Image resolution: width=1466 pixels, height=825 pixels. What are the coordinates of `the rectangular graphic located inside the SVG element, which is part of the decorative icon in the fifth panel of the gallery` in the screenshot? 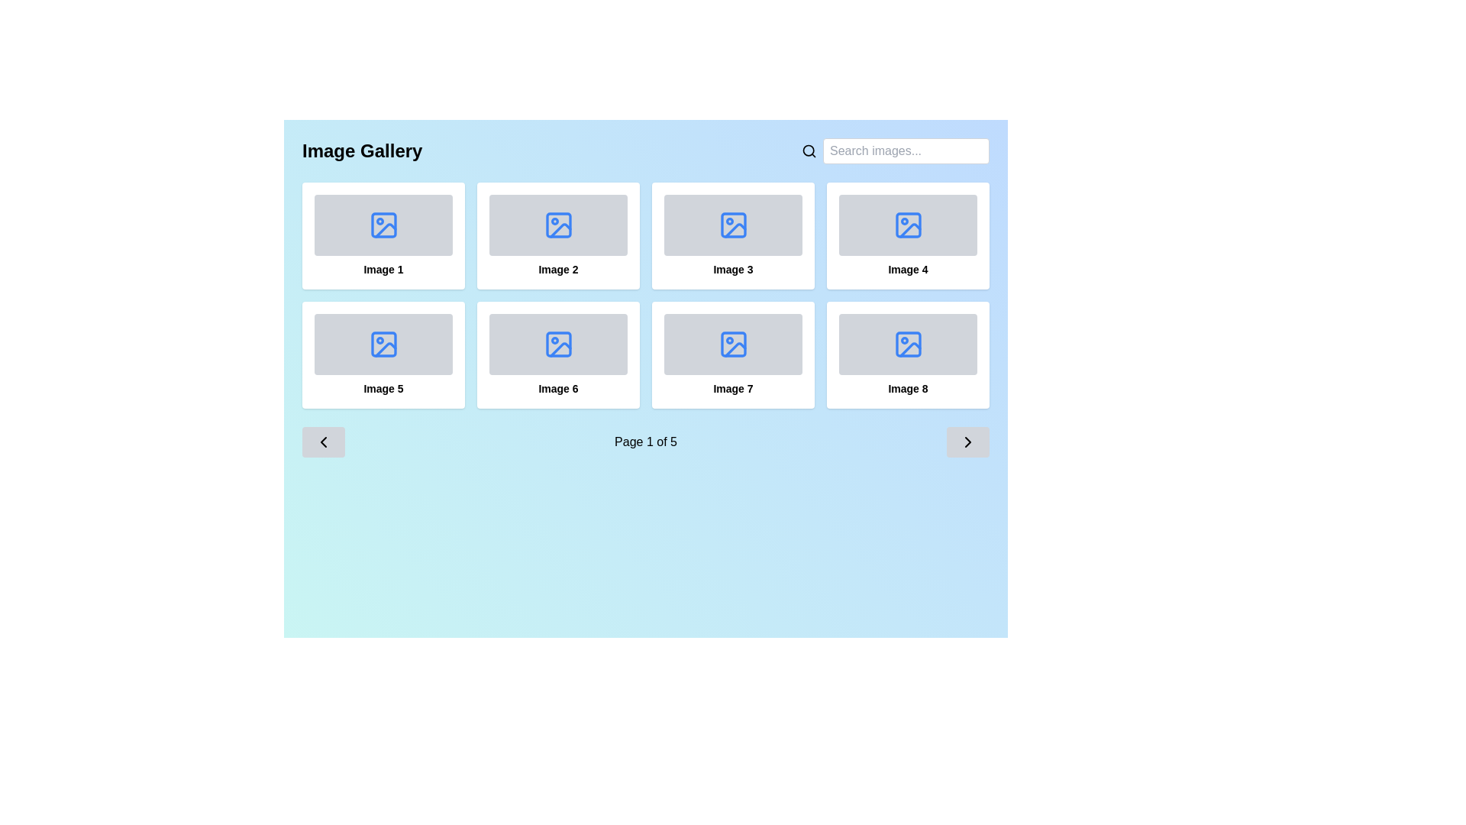 It's located at (383, 345).